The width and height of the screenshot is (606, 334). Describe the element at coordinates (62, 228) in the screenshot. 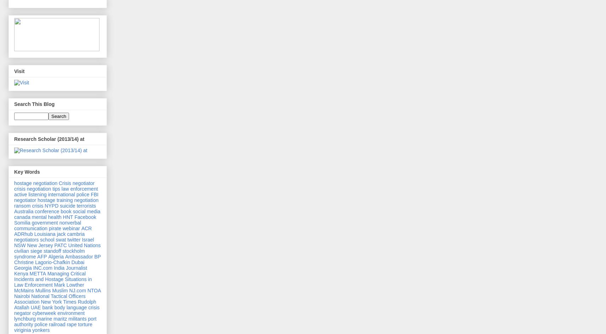

I see `'webinar'` at that location.